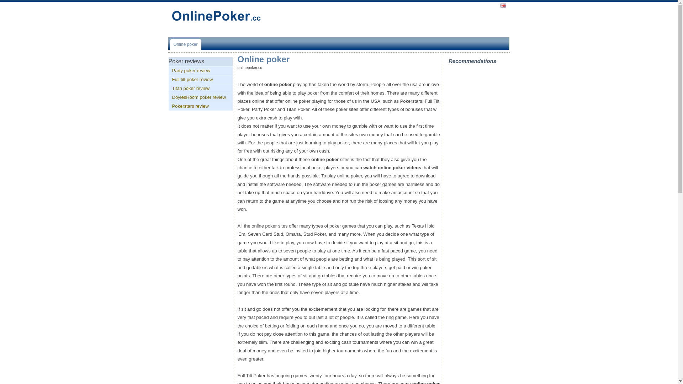  What do you see at coordinates (186, 44) in the screenshot?
I see `'Online poker'` at bounding box center [186, 44].